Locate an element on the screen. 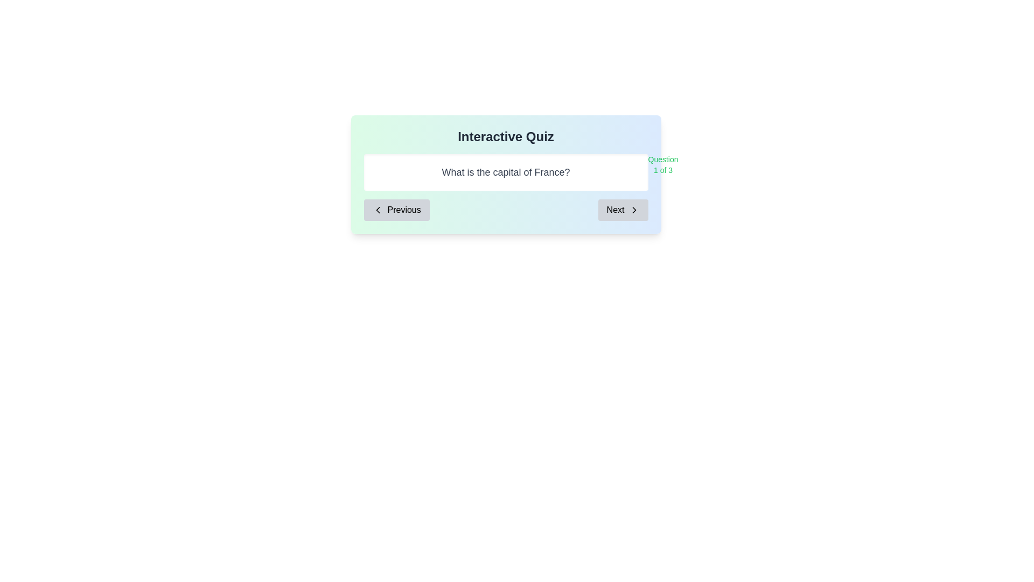  the 'Previous' button located at the bottom-left section of the navigation control system is located at coordinates (396, 210).